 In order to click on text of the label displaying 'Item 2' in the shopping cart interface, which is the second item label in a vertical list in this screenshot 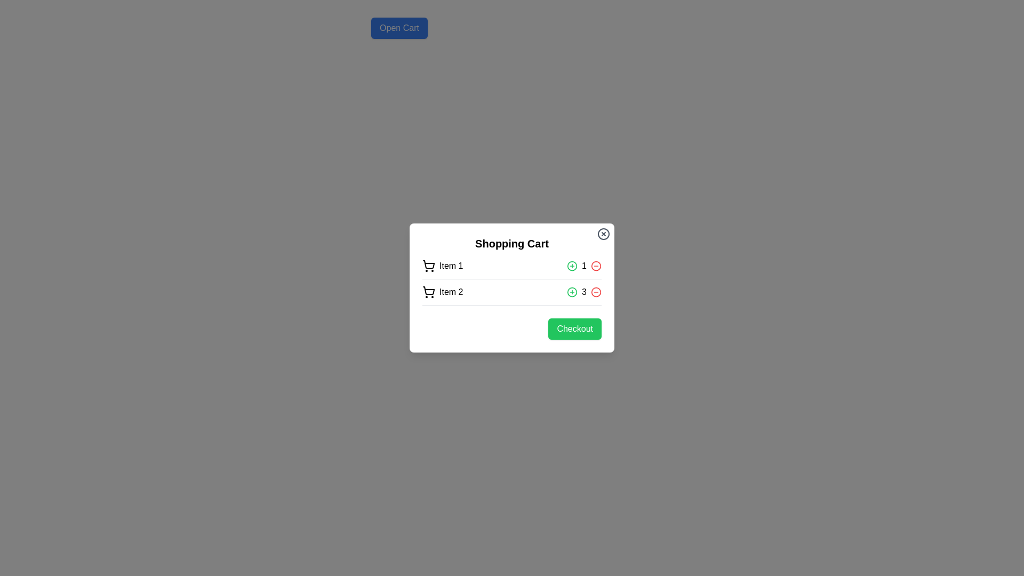, I will do `click(451, 292)`.